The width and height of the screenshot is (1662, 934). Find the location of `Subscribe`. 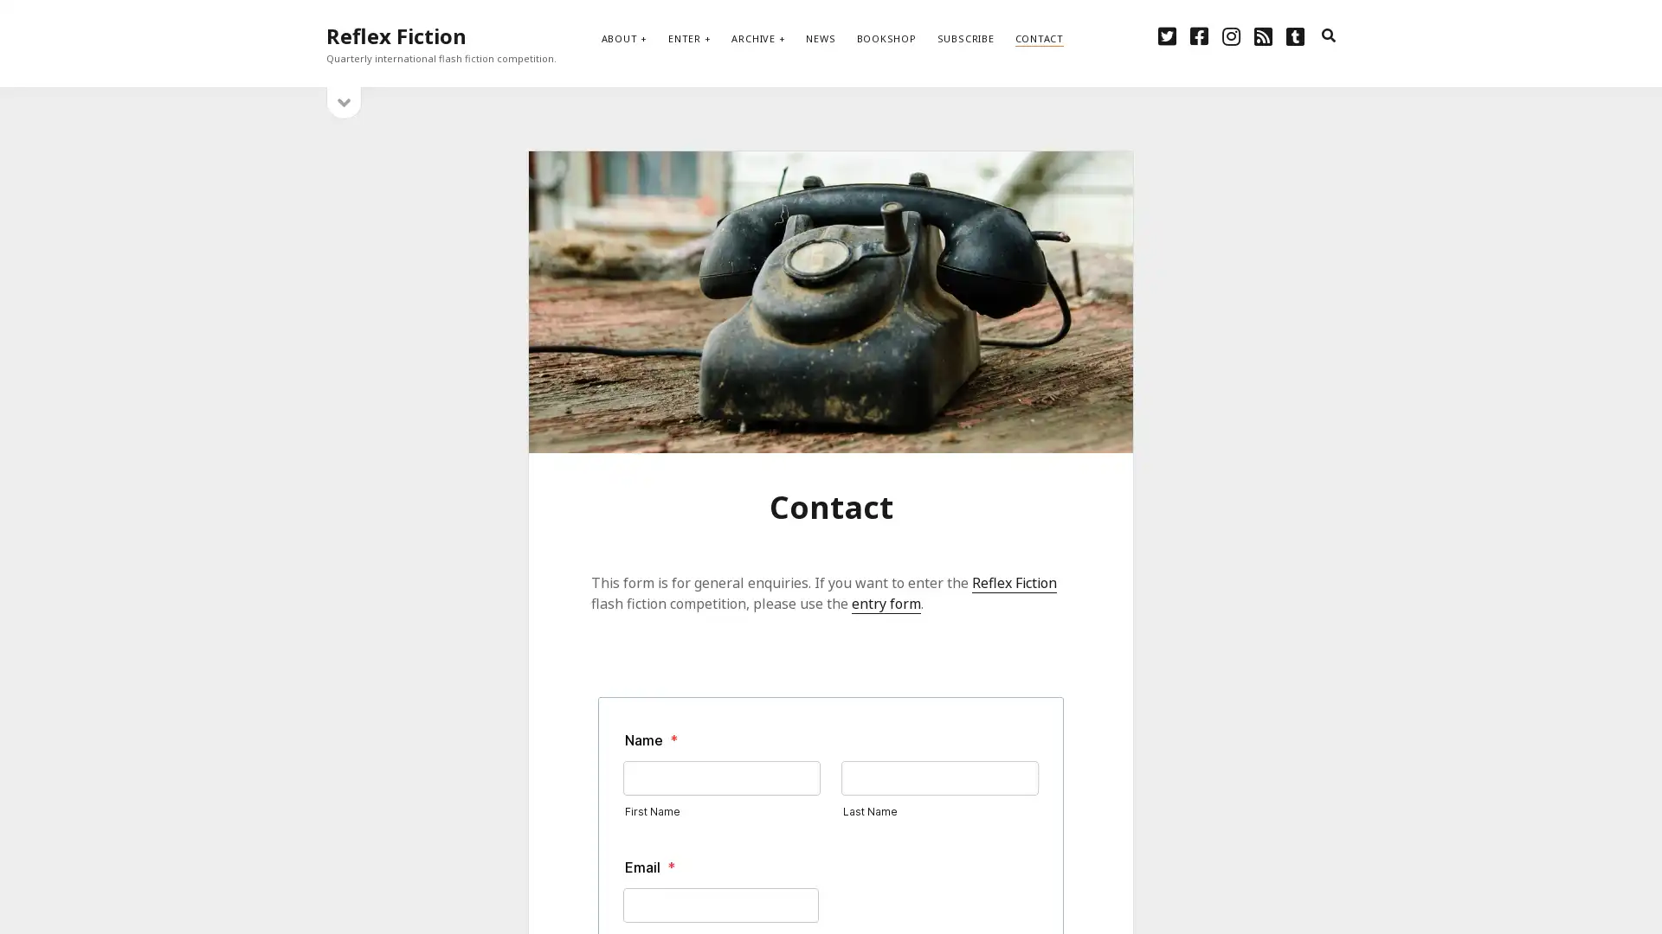

Subscribe is located at coordinates (1045, 200).